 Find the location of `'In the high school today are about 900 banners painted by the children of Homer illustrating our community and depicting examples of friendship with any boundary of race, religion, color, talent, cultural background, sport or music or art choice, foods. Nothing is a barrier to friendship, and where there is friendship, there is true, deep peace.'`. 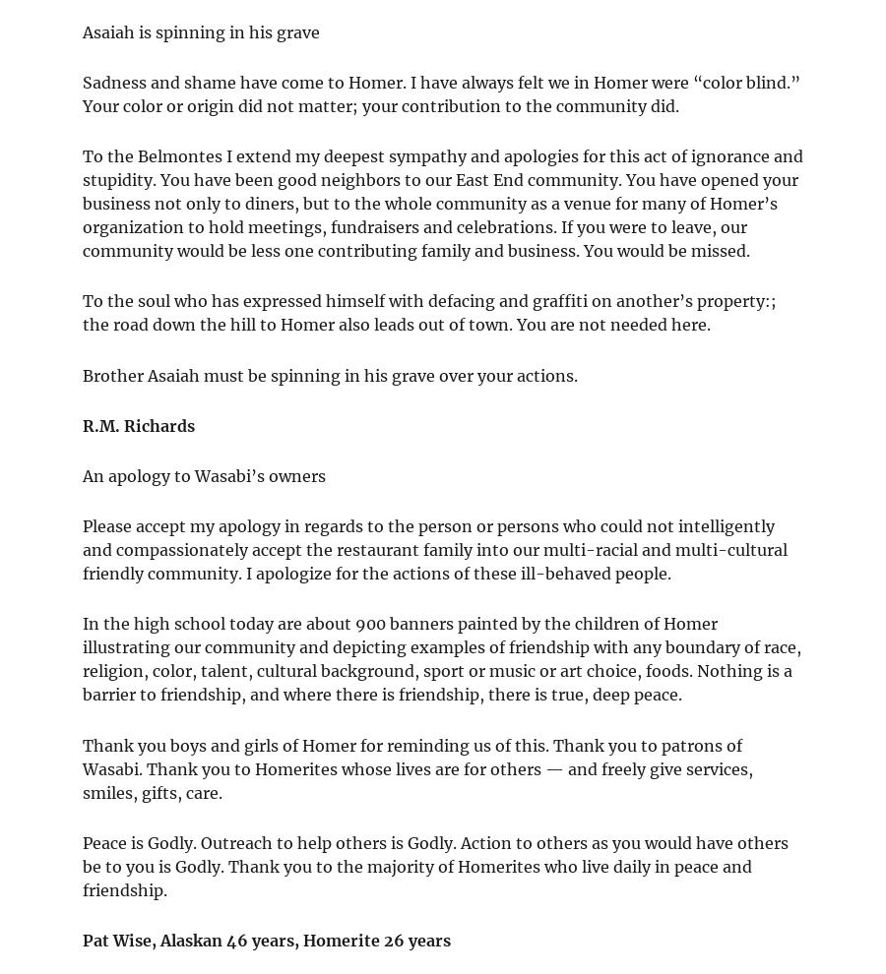

'In the high school today are about 900 banners painted by the children of Homer illustrating our community and depicting examples of friendship with any boundary of race, religion, color, talent, cultural background, sport or music or art choice, foods. Nothing is a barrier to friendship, and where there is friendship, there is true, deep peace.' is located at coordinates (442, 659).